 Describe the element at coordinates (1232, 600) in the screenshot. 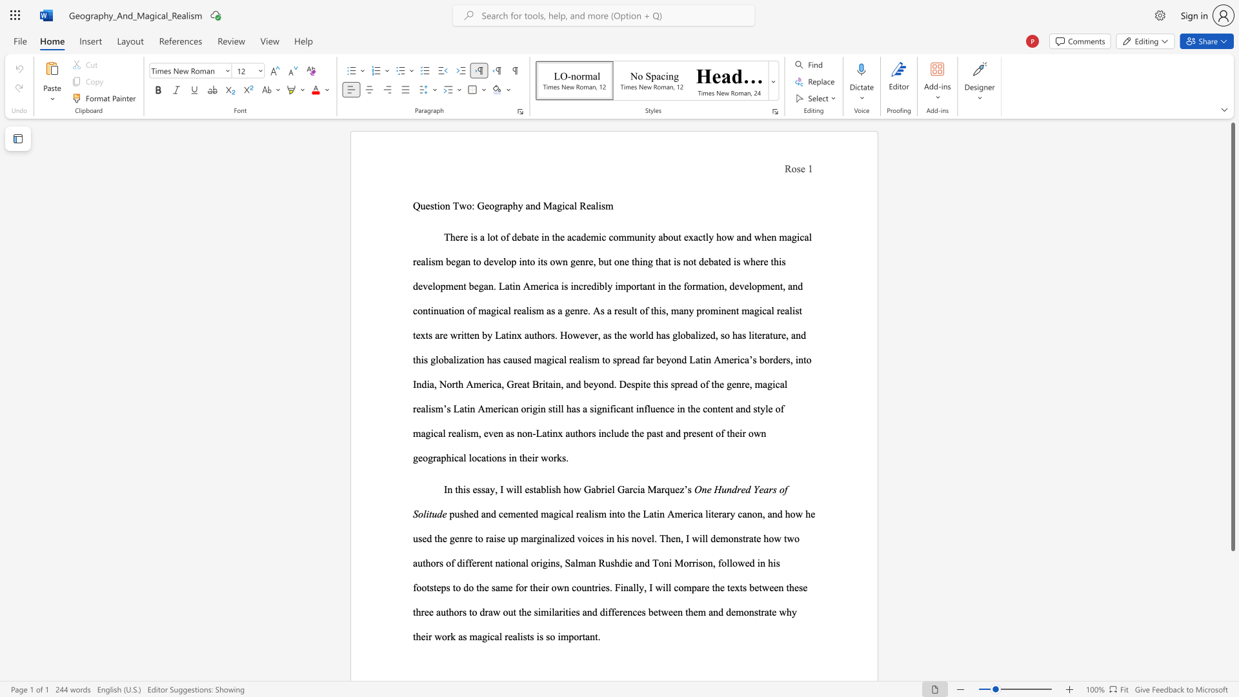

I see `the scrollbar to scroll the page down` at that location.